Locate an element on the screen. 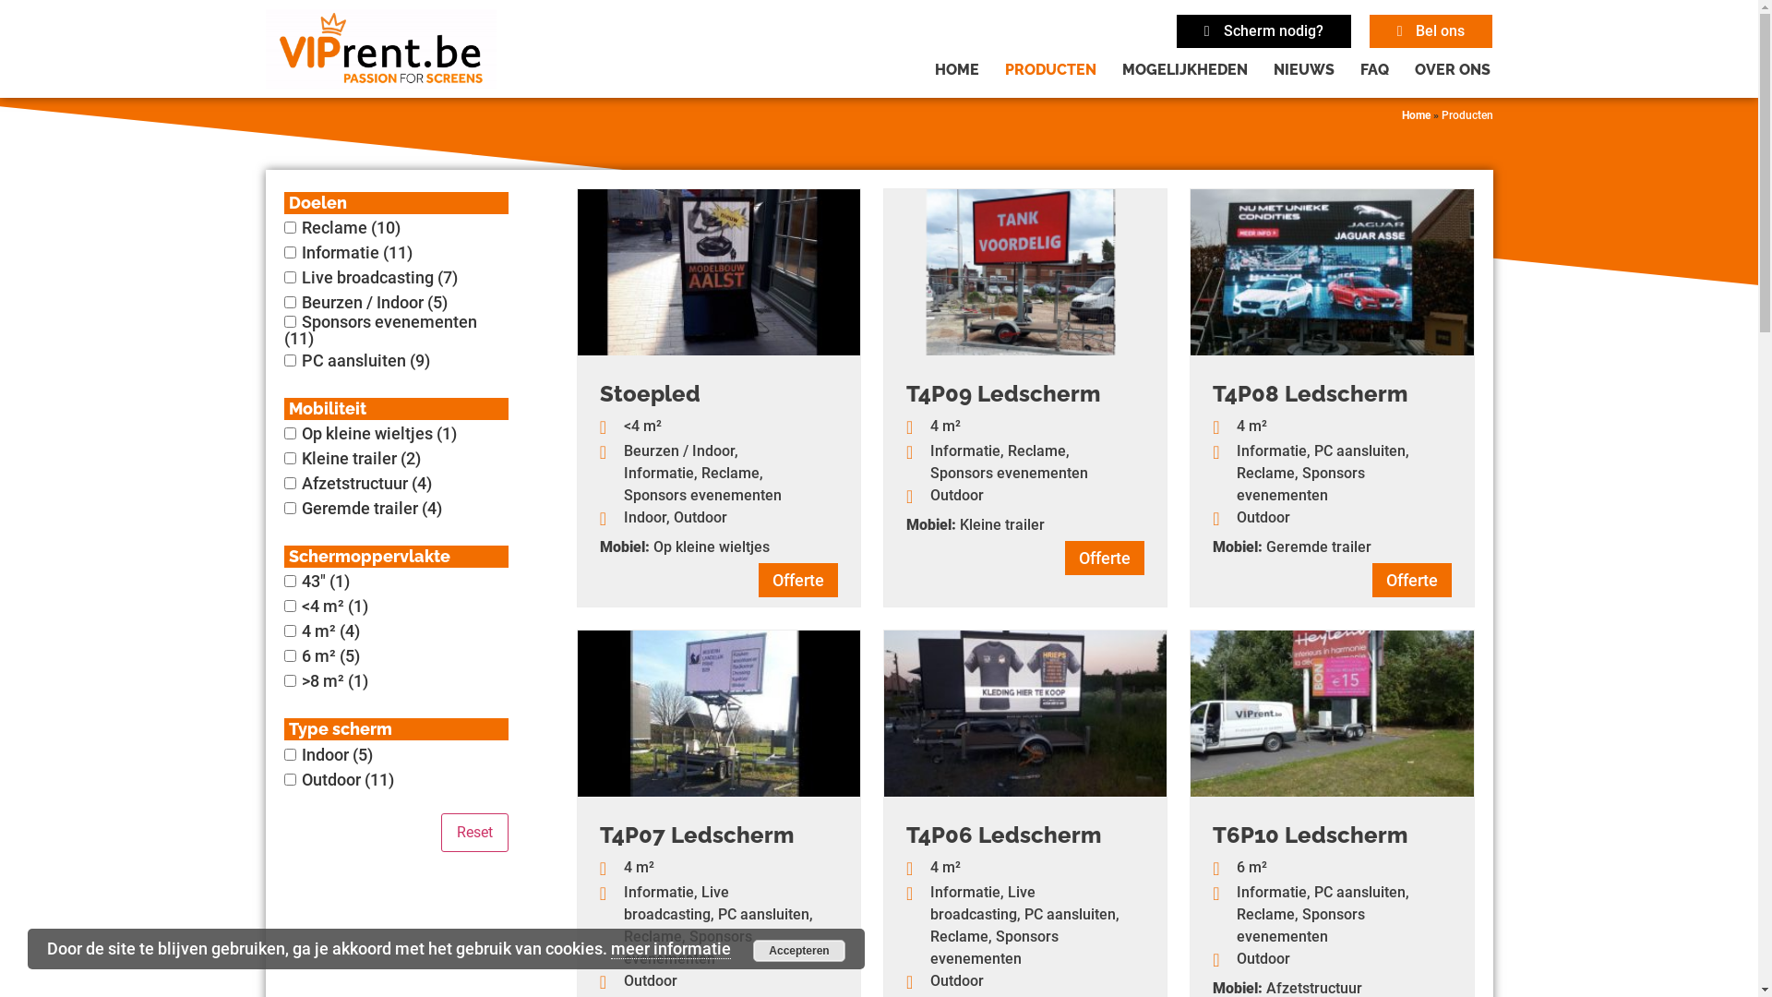 The width and height of the screenshot is (1772, 997). 'Producten' is located at coordinates (1466, 114).